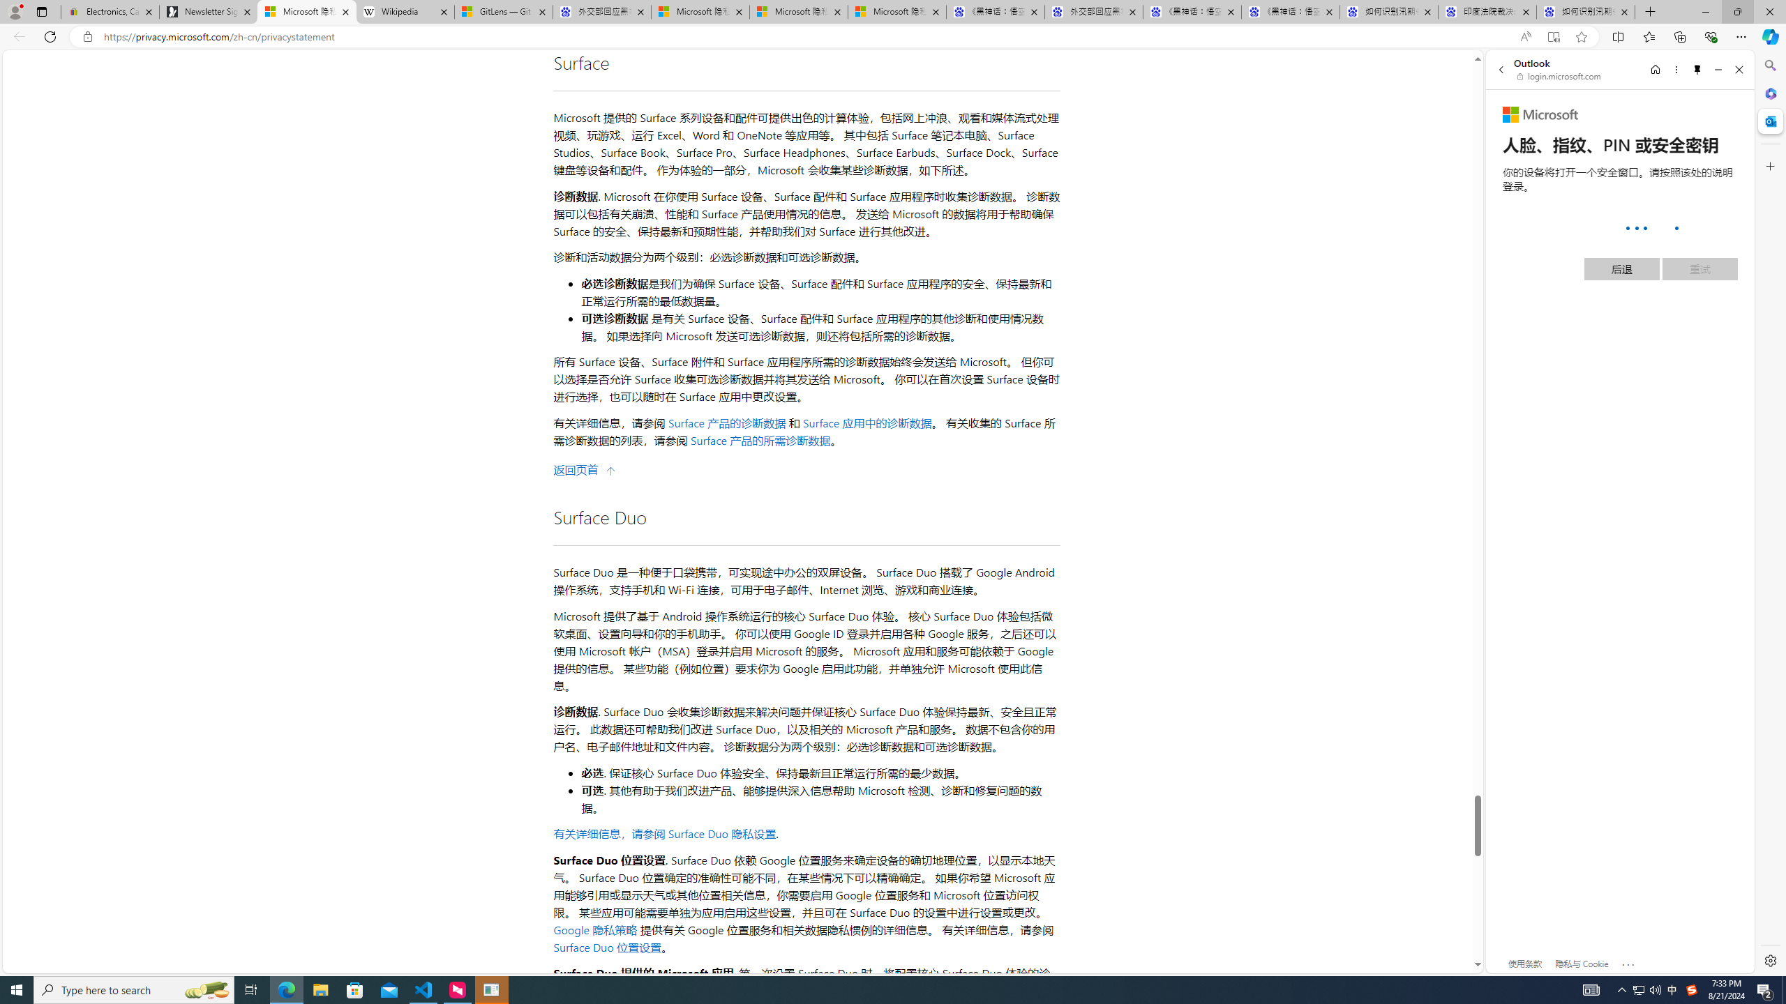 The width and height of the screenshot is (1786, 1004). I want to click on 'Unpin side pane', so click(1697, 69).